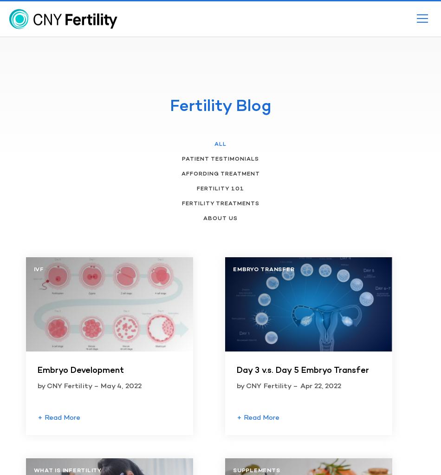 This screenshot has width=441, height=475. I want to click on 'Patient Testimonials', so click(181, 159).